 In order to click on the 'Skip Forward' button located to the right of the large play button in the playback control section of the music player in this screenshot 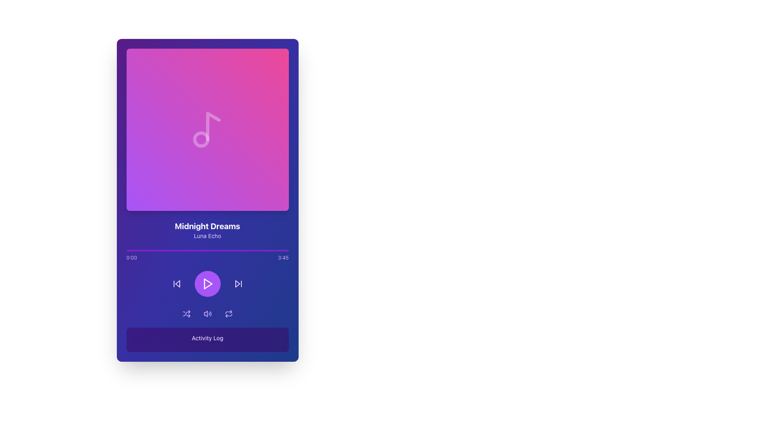, I will do `click(238, 283)`.